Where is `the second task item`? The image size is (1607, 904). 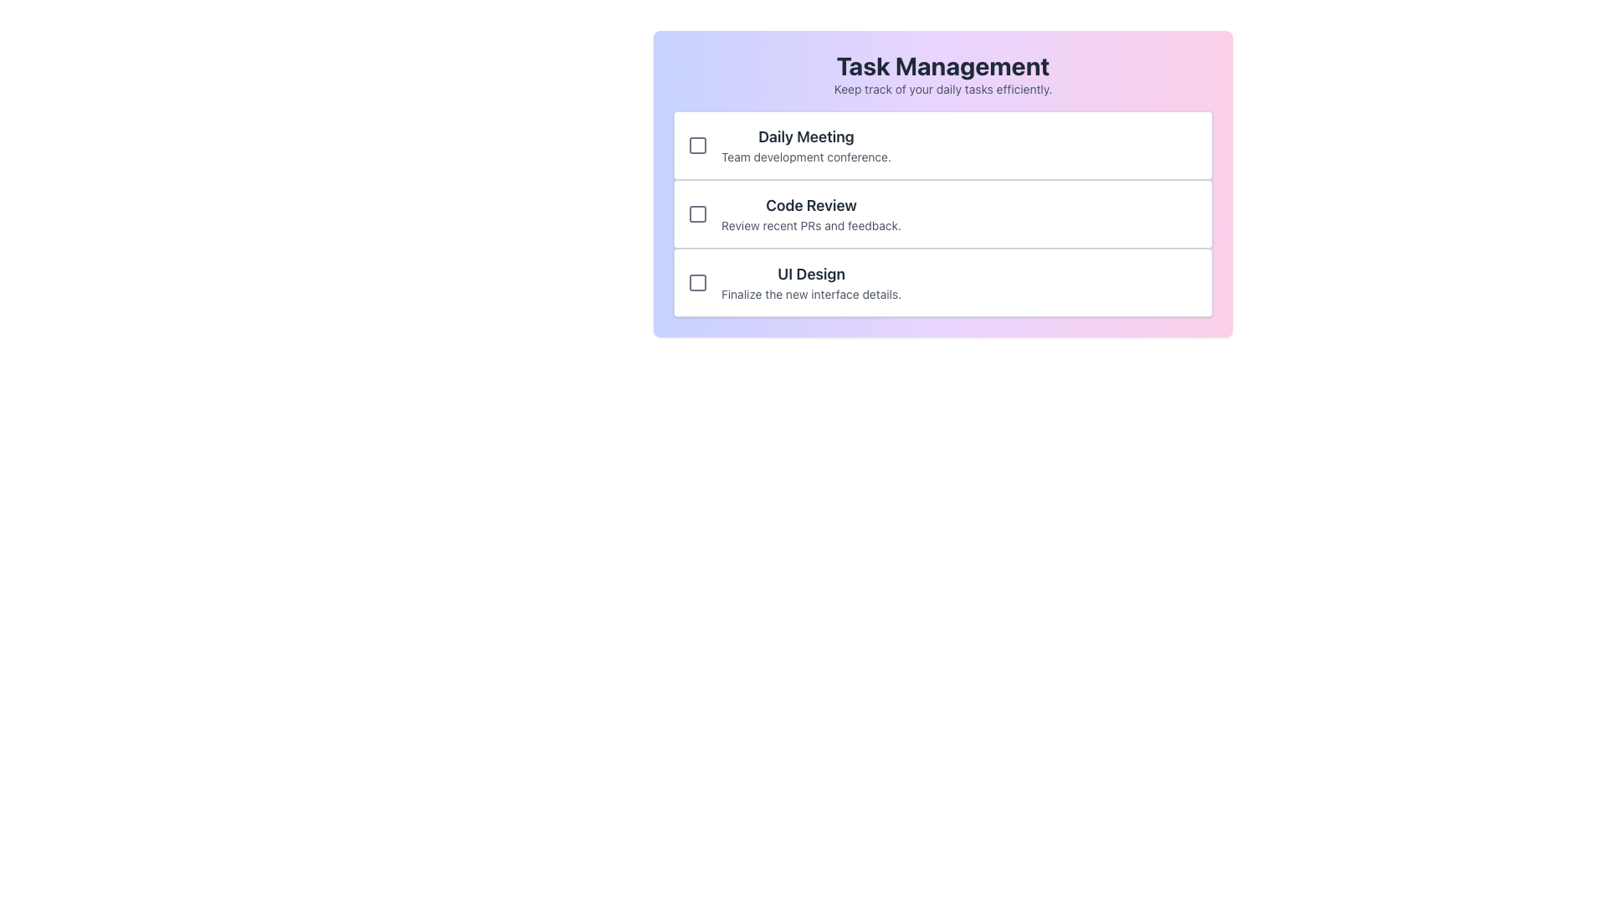
the second task item is located at coordinates (943, 183).